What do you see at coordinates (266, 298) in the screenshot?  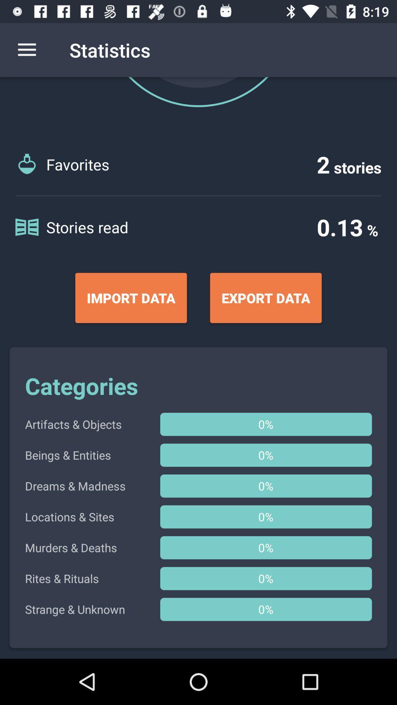 I see `the item next to import data icon` at bounding box center [266, 298].